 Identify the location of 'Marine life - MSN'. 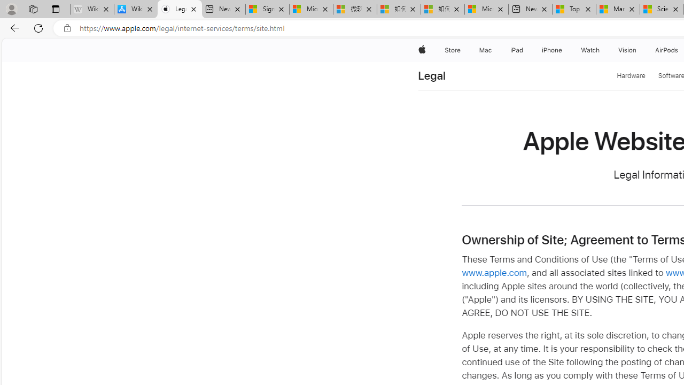
(618, 9).